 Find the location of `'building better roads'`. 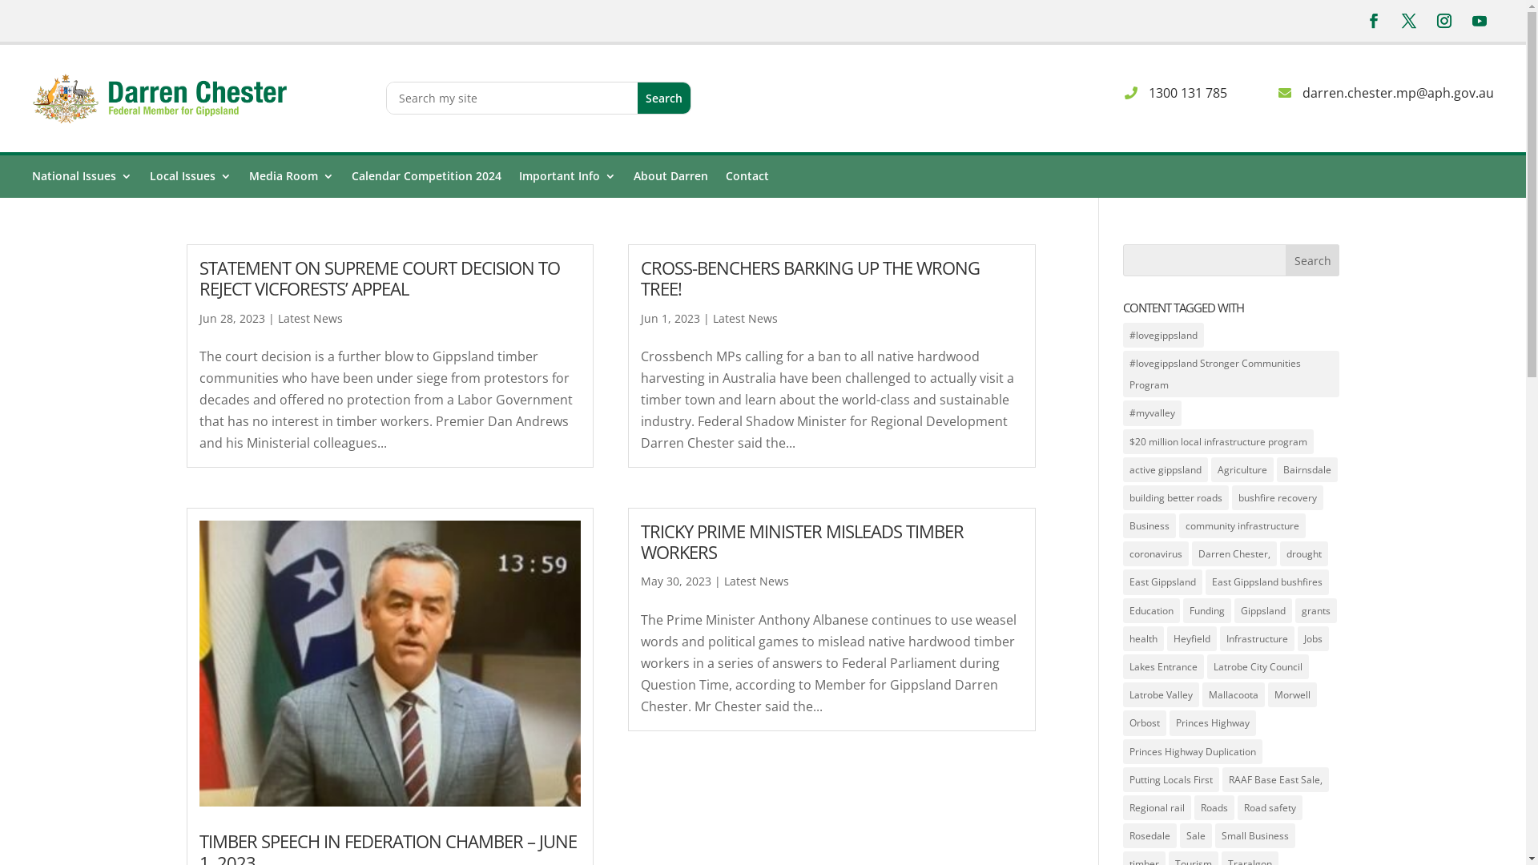

'building better roads' is located at coordinates (1176, 497).